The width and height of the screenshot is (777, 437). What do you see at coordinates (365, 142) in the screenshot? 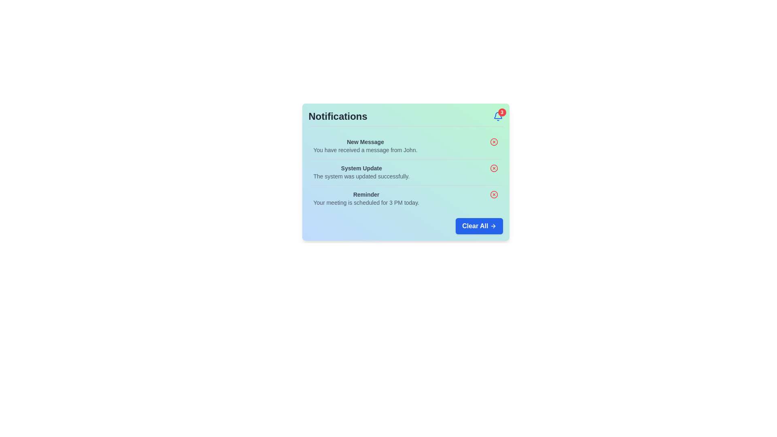
I see `the title text element of the notification entry, which is positioned at the top left and serves as a heading for the notification` at bounding box center [365, 142].